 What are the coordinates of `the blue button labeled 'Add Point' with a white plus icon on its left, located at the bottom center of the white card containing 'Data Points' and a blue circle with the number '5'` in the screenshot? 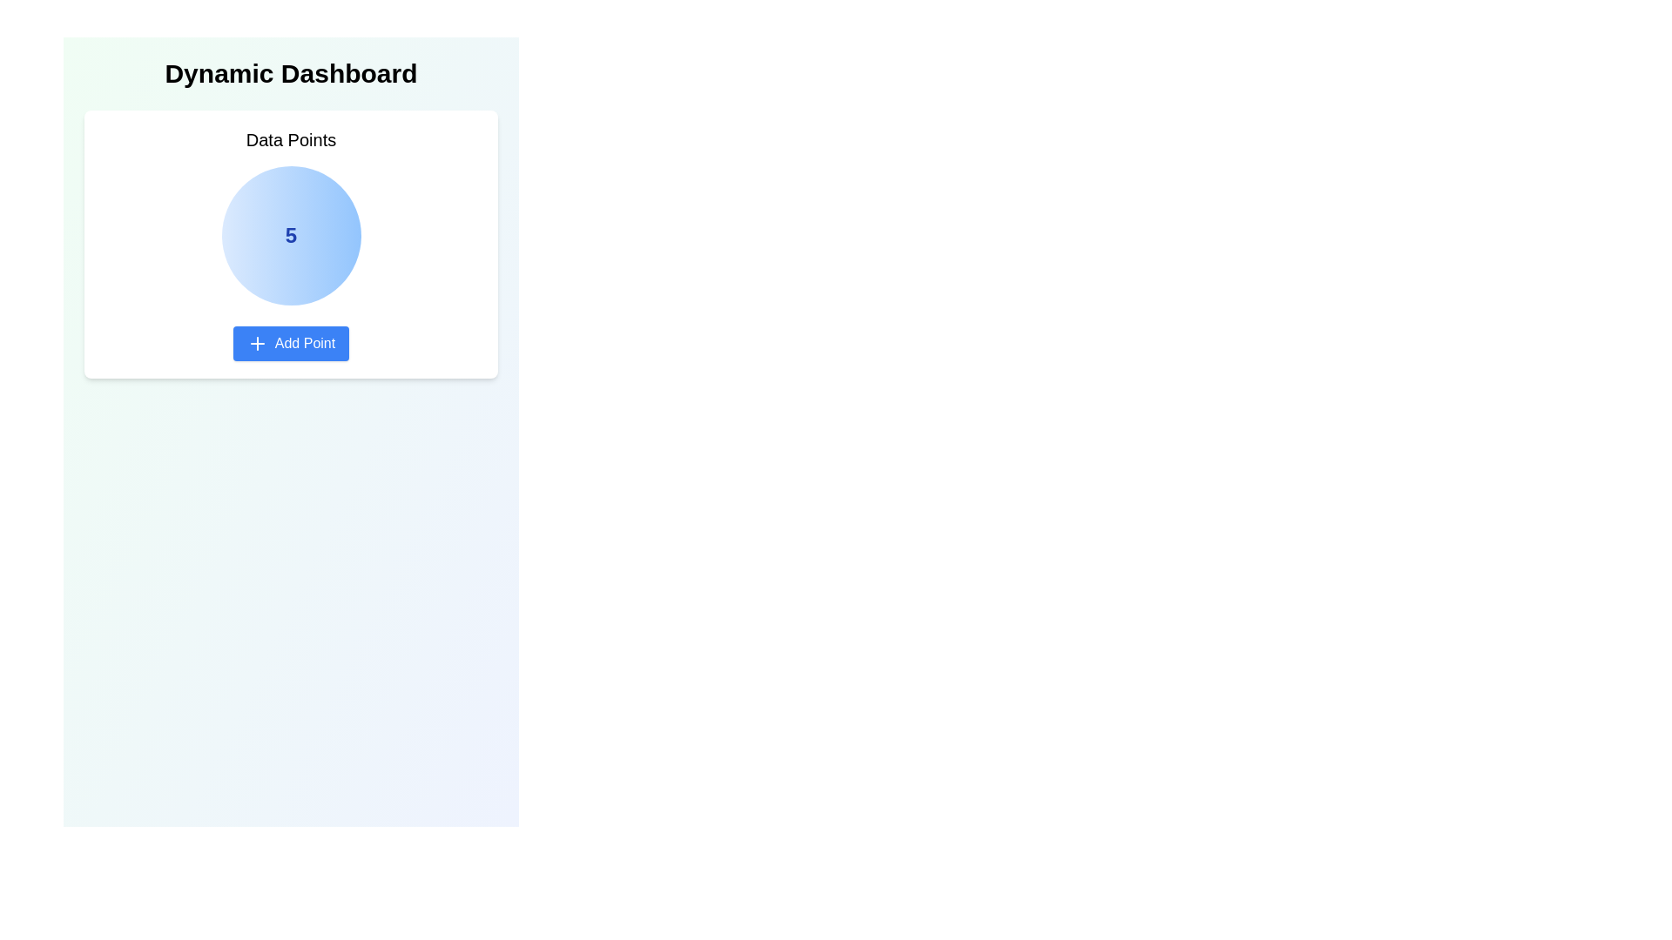 It's located at (291, 343).